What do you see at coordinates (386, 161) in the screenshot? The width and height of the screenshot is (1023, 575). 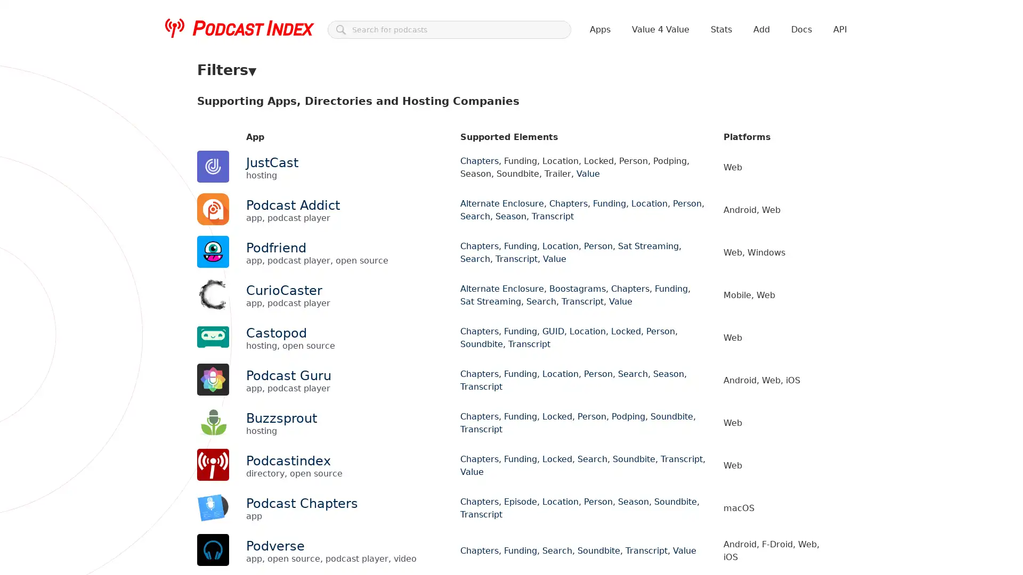 I see `Chapters` at bounding box center [386, 161].